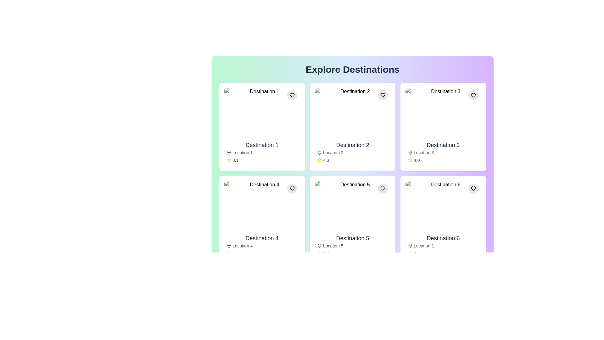 This screenshot has height=340, width=604. I want to click on the heart-shaped icon in the top-right corner of the 'Destination 5' card, so click(383, 188).